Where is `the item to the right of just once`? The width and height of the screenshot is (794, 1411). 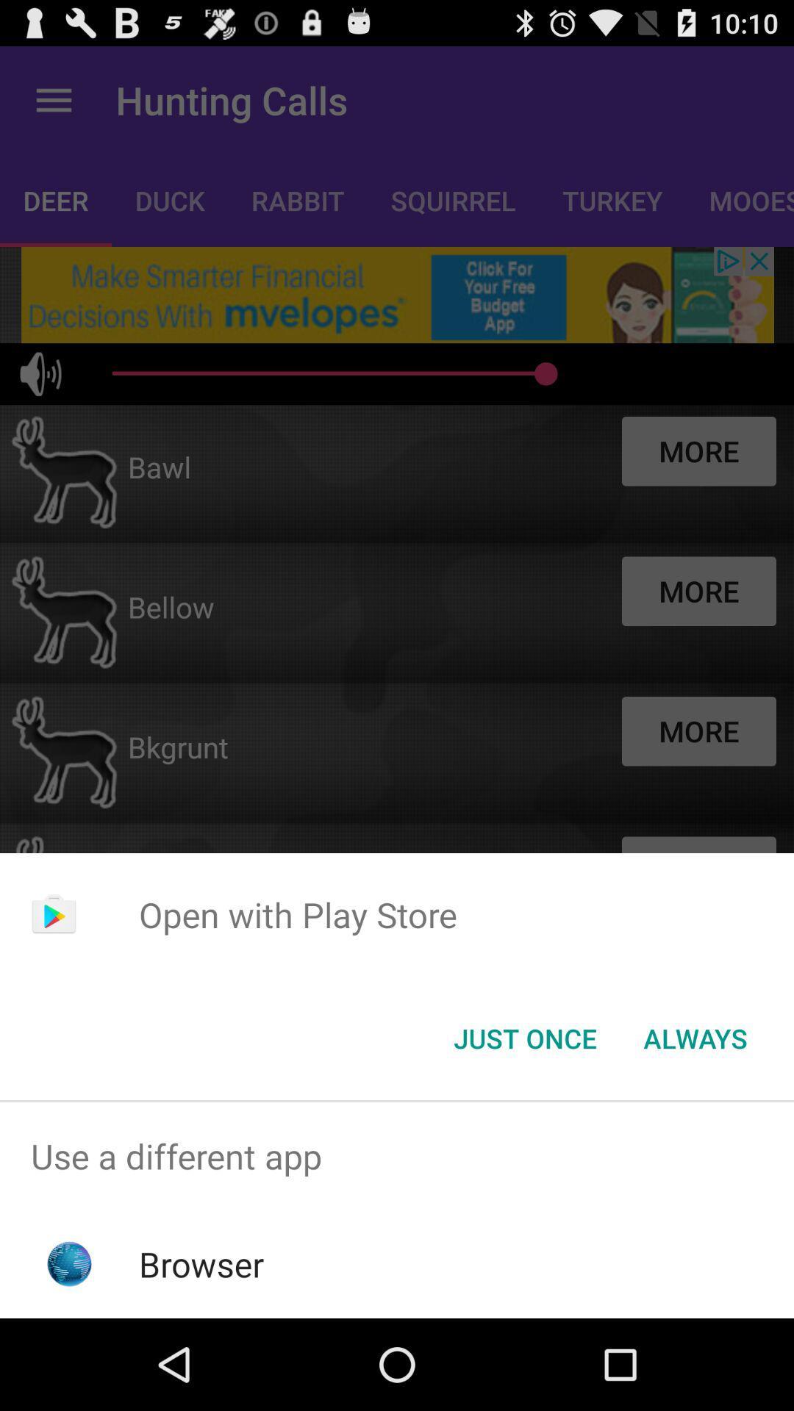 the item to the right of just once is located at coordinates (695, 1037).